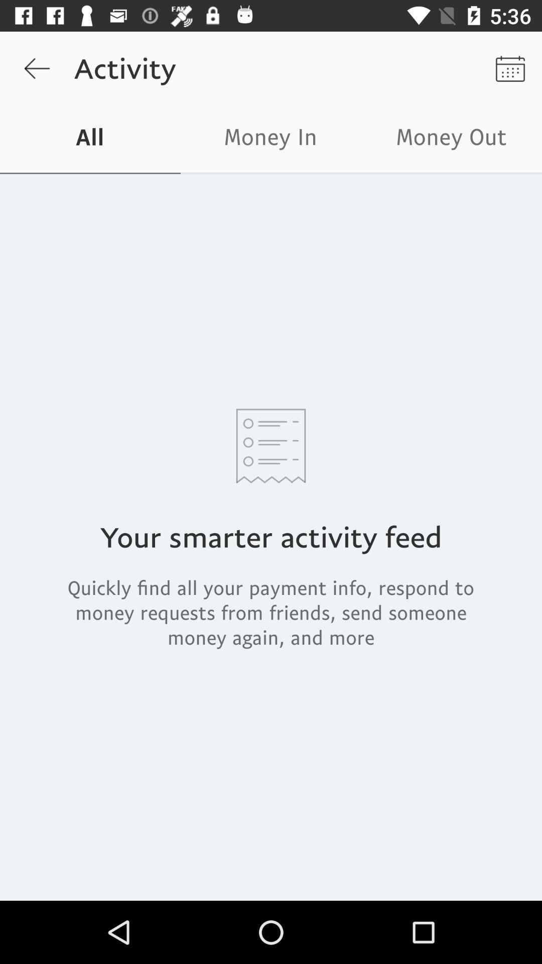  I want to click on the icon to the right of all, so click(271, 139).